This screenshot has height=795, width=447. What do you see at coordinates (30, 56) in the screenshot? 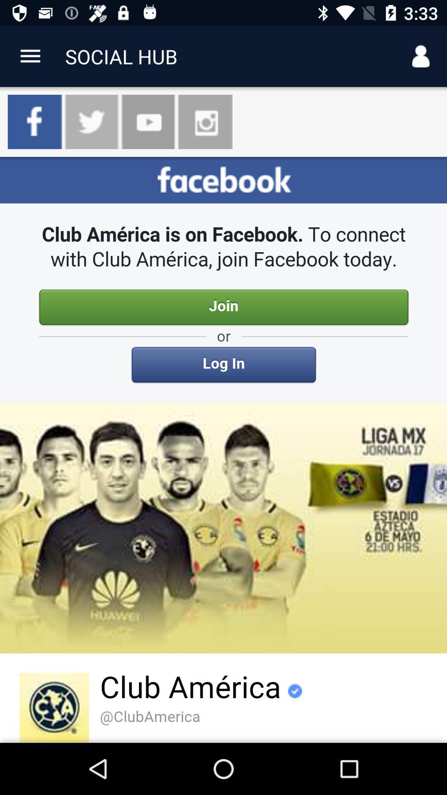
I see `app link` at bounding box center [30, 56].